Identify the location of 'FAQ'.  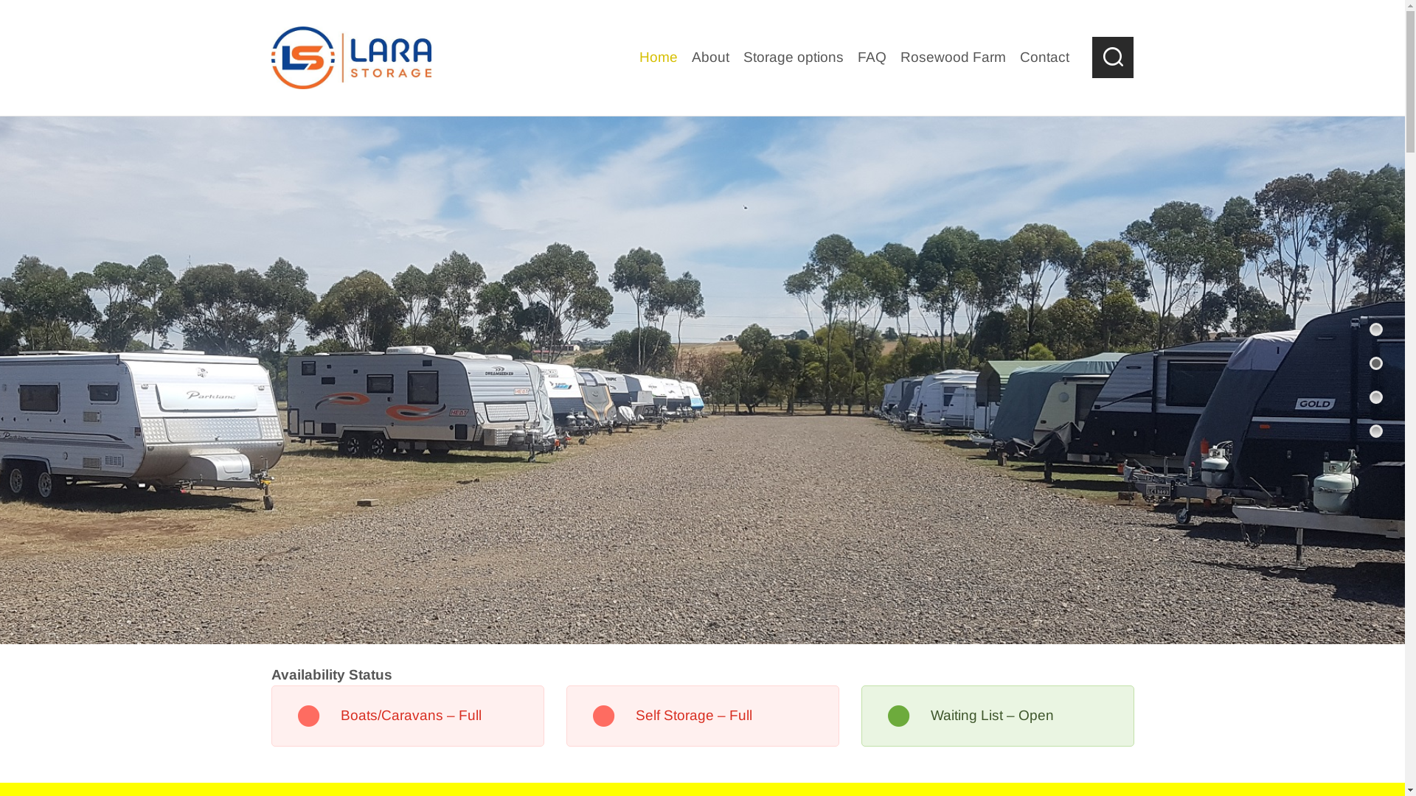
(872, 57).